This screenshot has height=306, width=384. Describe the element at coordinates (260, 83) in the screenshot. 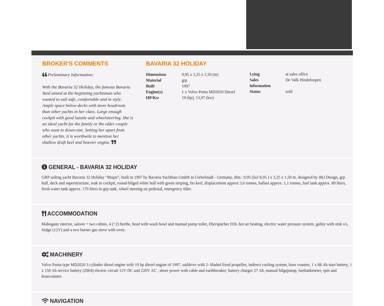

I see `'Sales information'` at that location.